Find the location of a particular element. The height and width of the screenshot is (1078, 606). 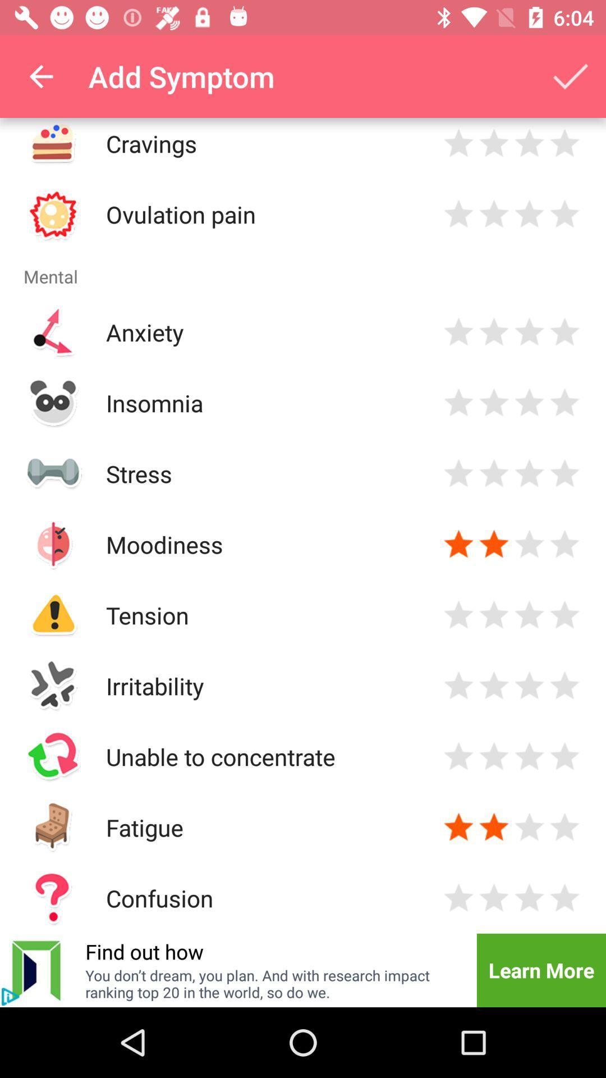

click the info is located at coordinates (10, 997).